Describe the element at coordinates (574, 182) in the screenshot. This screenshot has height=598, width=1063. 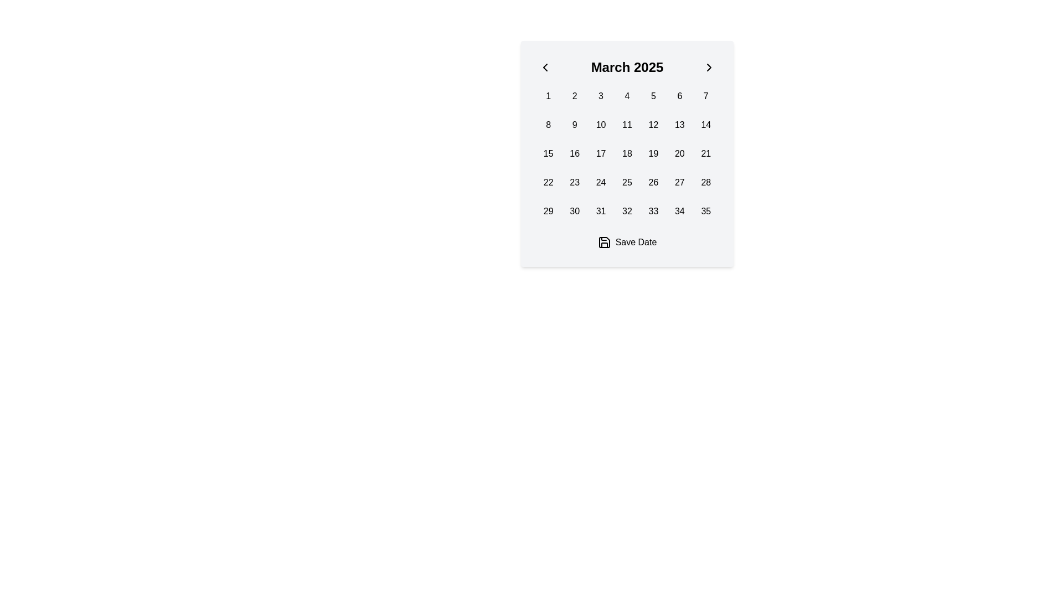
I see `the button representing the 23rd day in the calendar interface` at that location.